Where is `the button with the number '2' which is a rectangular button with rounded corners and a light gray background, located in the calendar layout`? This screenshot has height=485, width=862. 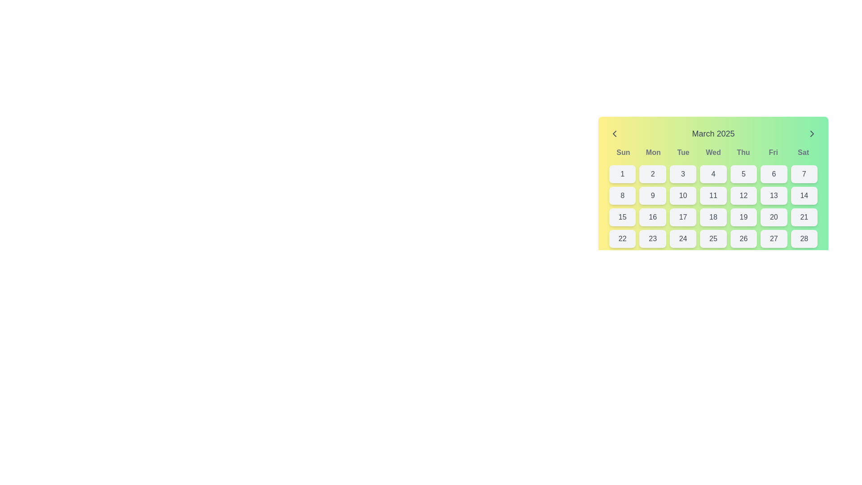 the button with the number '2' which is a rectangular button with rounded corners and a light gray background, located in the calendar layout is located at coordinates (653, 174).